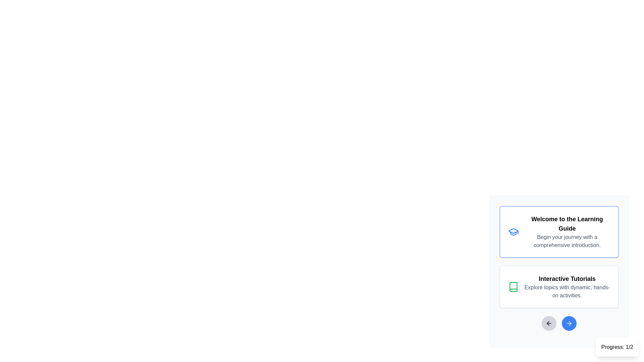 Image resolution: width=644 pixels, height=362 pixels. What do you see at coordinates (513, 287) in the screenshot?
I see `the 'Interactive Tutorials' icon located to the left side of the 'Interactive Tutorials' text in the second item of the list` at bounding box center [513, 287].